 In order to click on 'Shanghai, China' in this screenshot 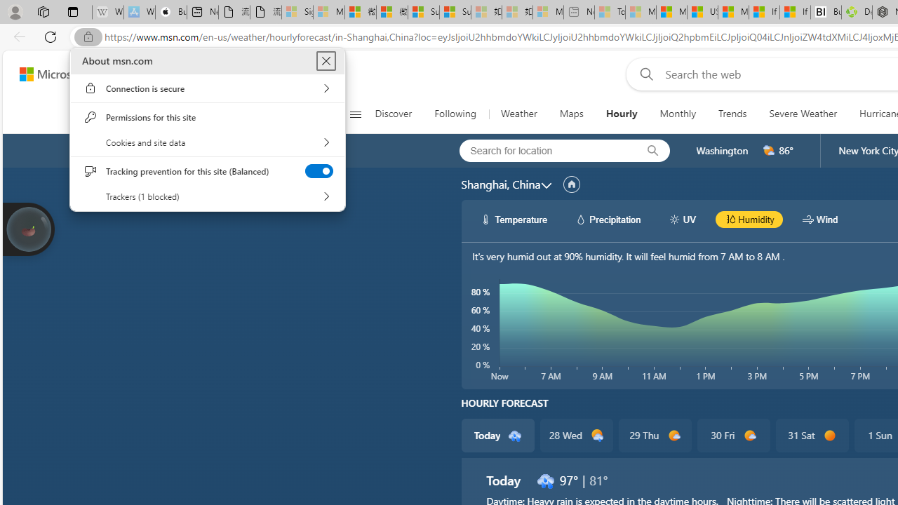, I will do `click(500, 184)`.